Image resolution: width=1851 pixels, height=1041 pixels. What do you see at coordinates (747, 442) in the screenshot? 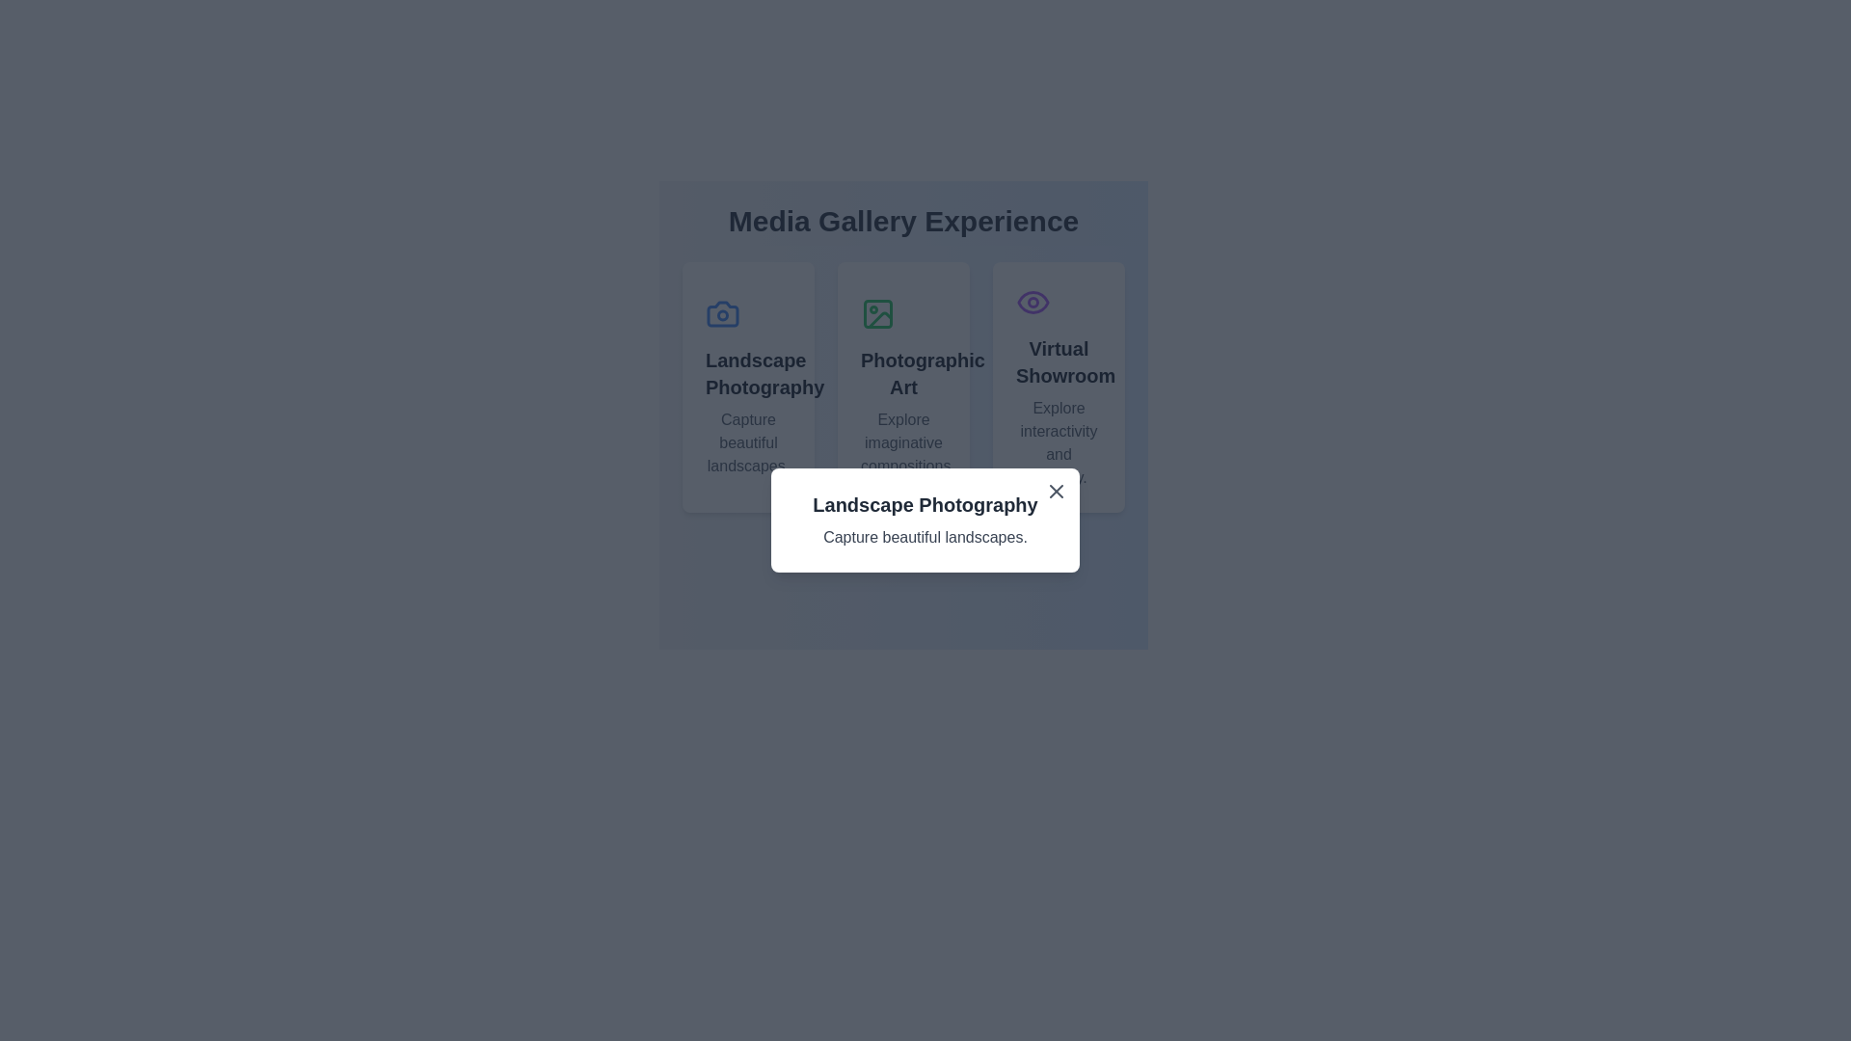
I see `the static text element displaying 'Capture beautiful landscapes.' which is styled in a smaller gray font and located below the header 'Landscape Photography.'` at bounding box center [747, 442].